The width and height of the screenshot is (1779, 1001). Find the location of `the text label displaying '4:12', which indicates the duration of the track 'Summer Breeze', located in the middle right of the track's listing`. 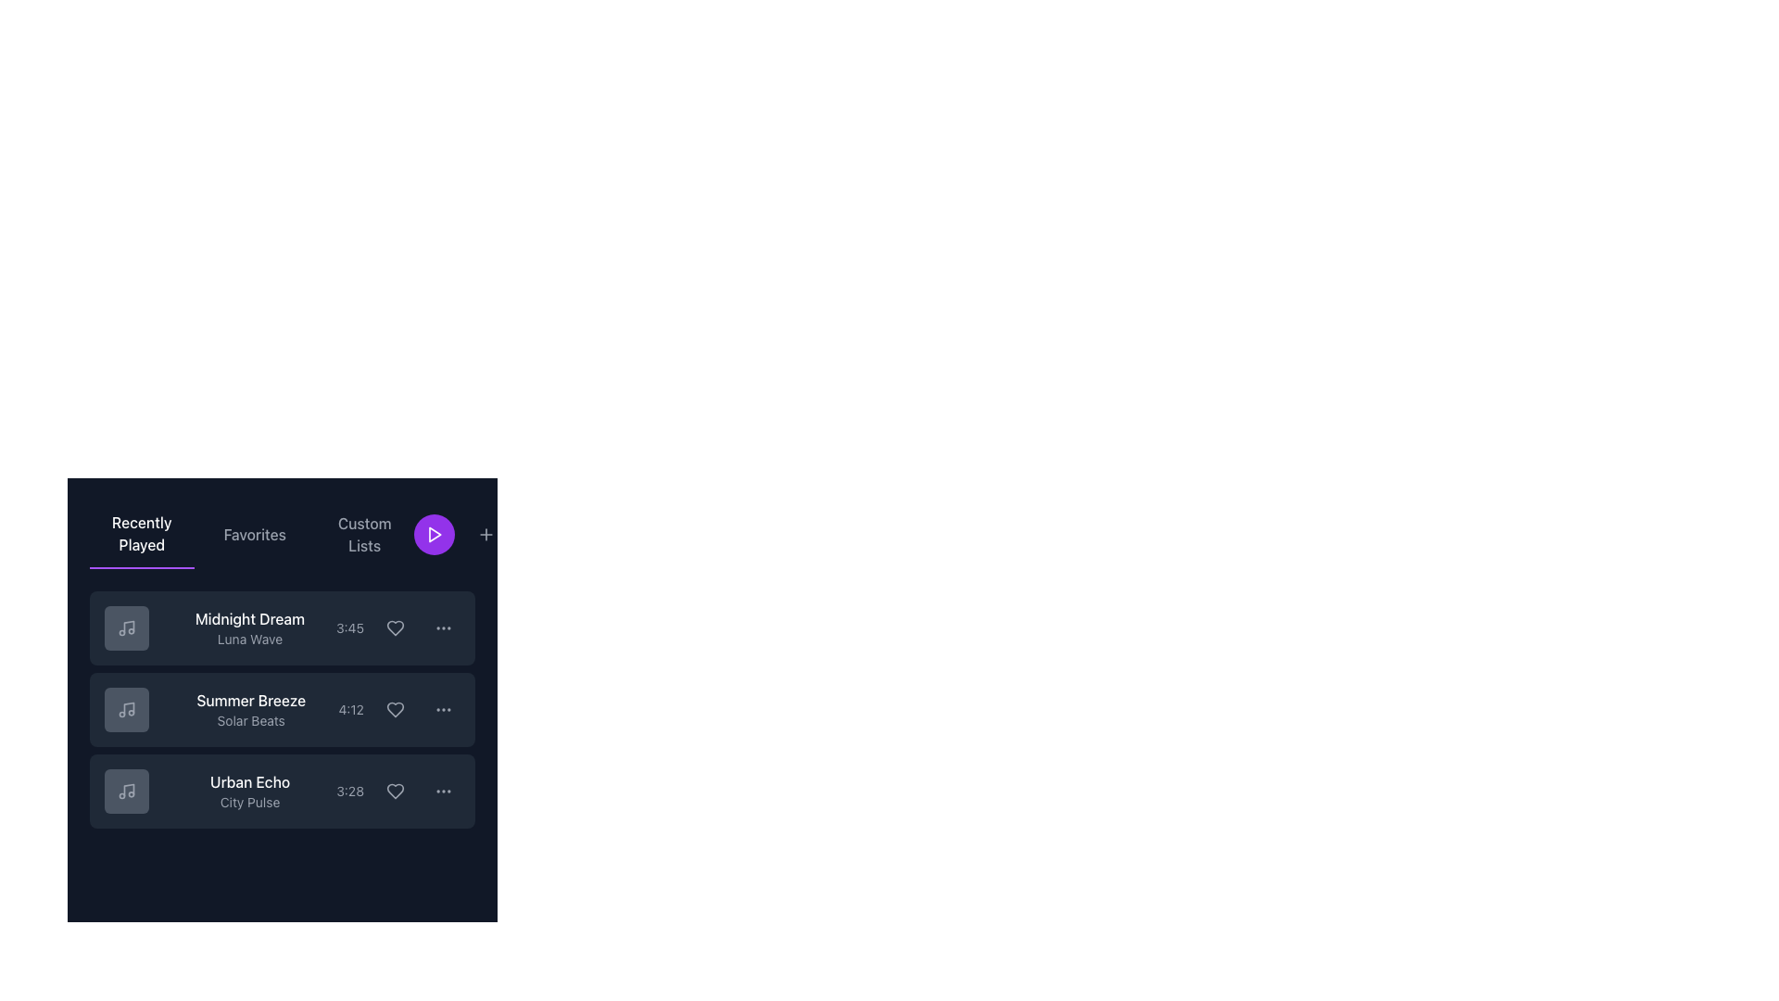

the text label displaying '4:12', which indicates the duration of the track 'Summer Breeze', located in the middle right of the track's listing is located at coordinates (351, 709).